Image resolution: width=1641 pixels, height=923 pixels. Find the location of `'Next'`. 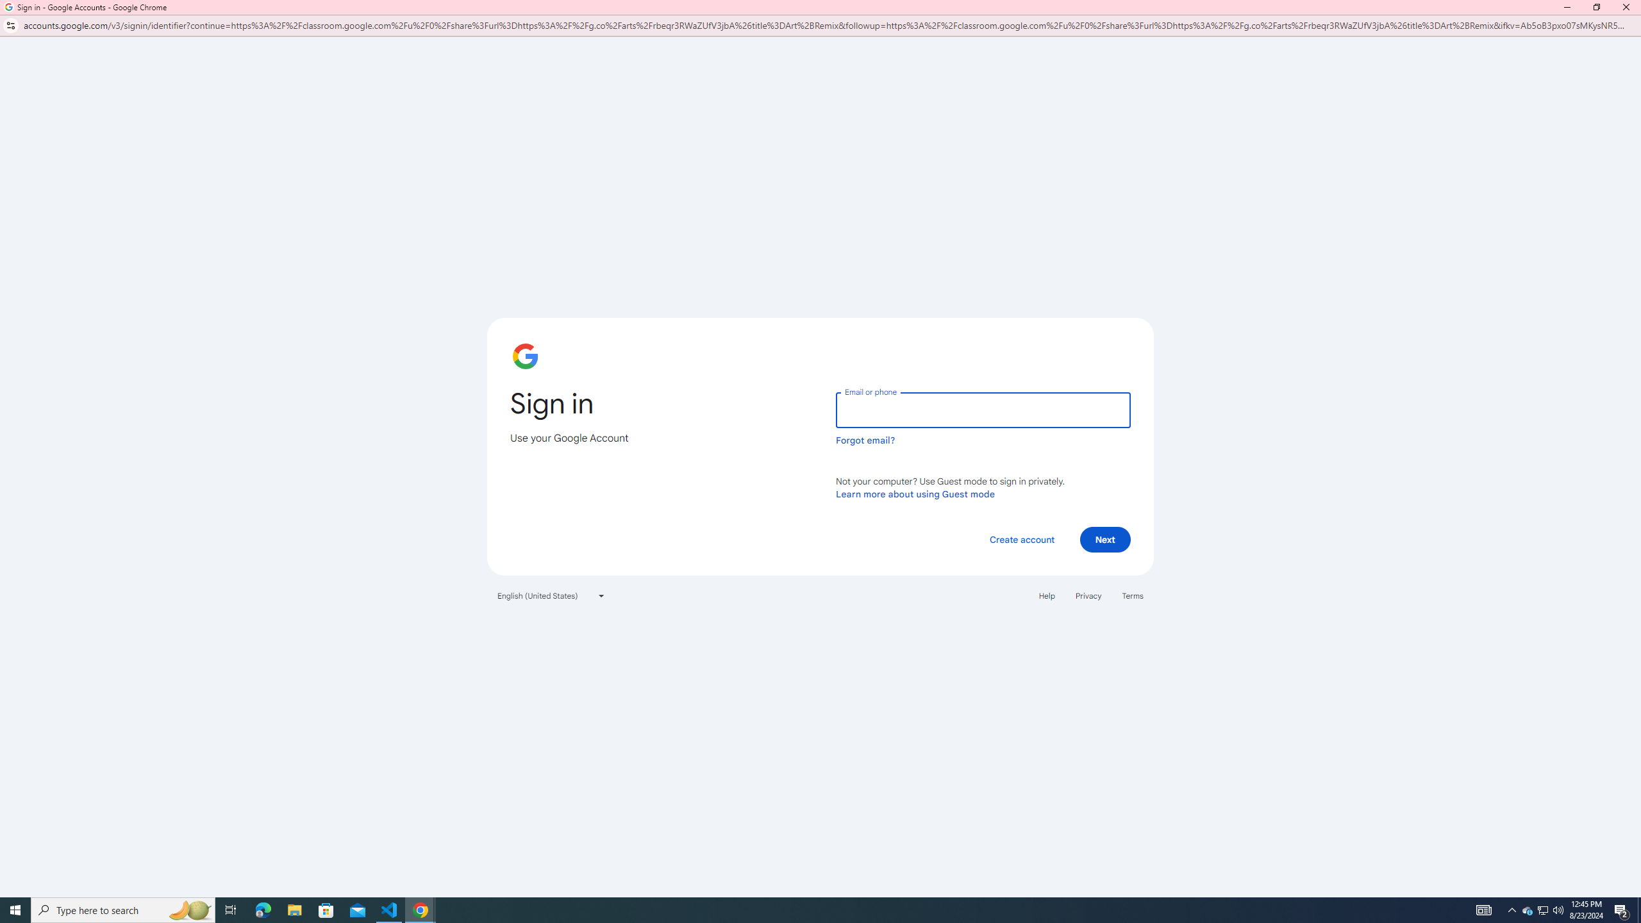

'Next' is located at coordinates (1105, 540).